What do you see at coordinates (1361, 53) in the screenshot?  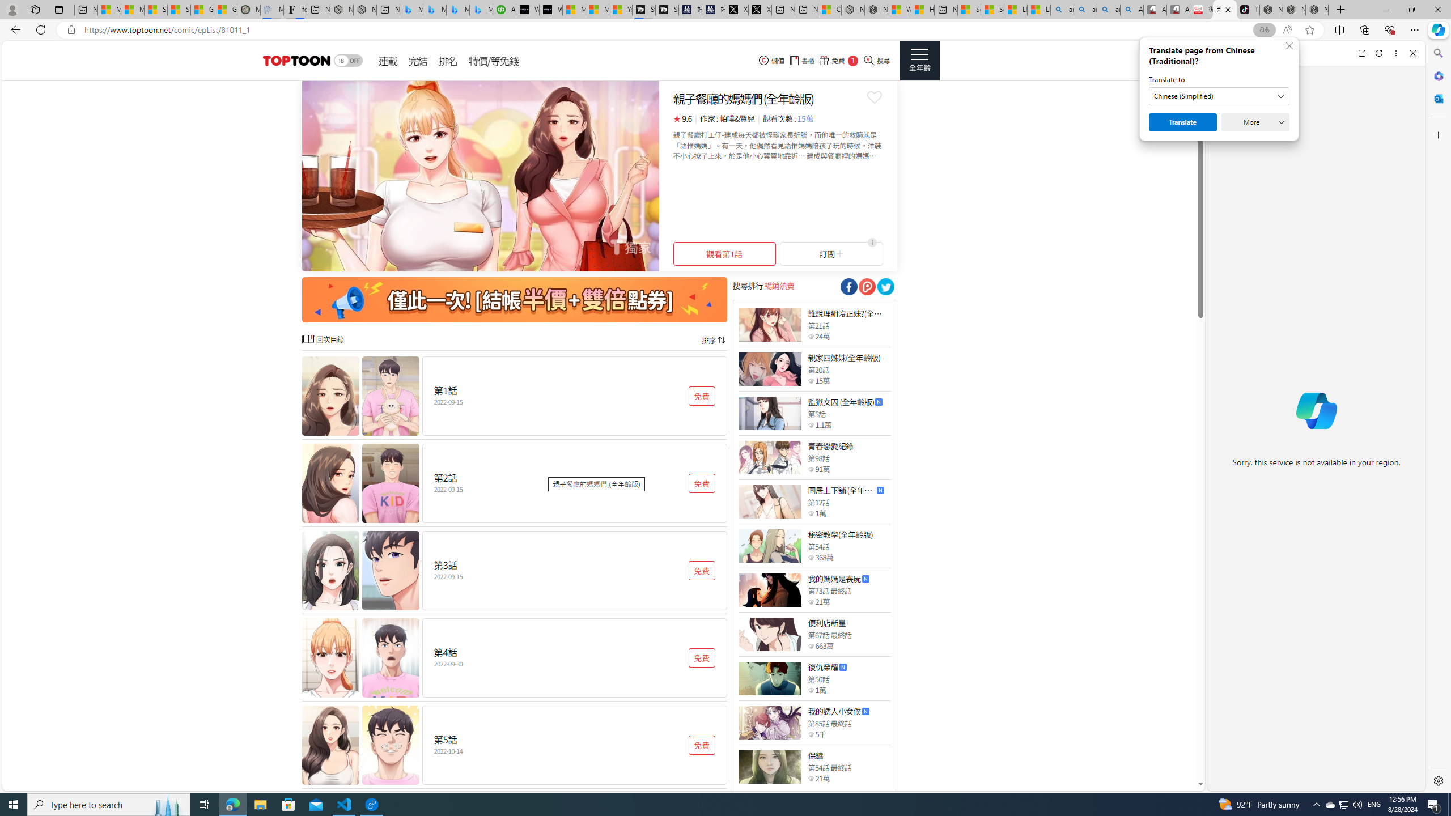 I see `'Open link in new tab'` at bounding box center [1361, 53].